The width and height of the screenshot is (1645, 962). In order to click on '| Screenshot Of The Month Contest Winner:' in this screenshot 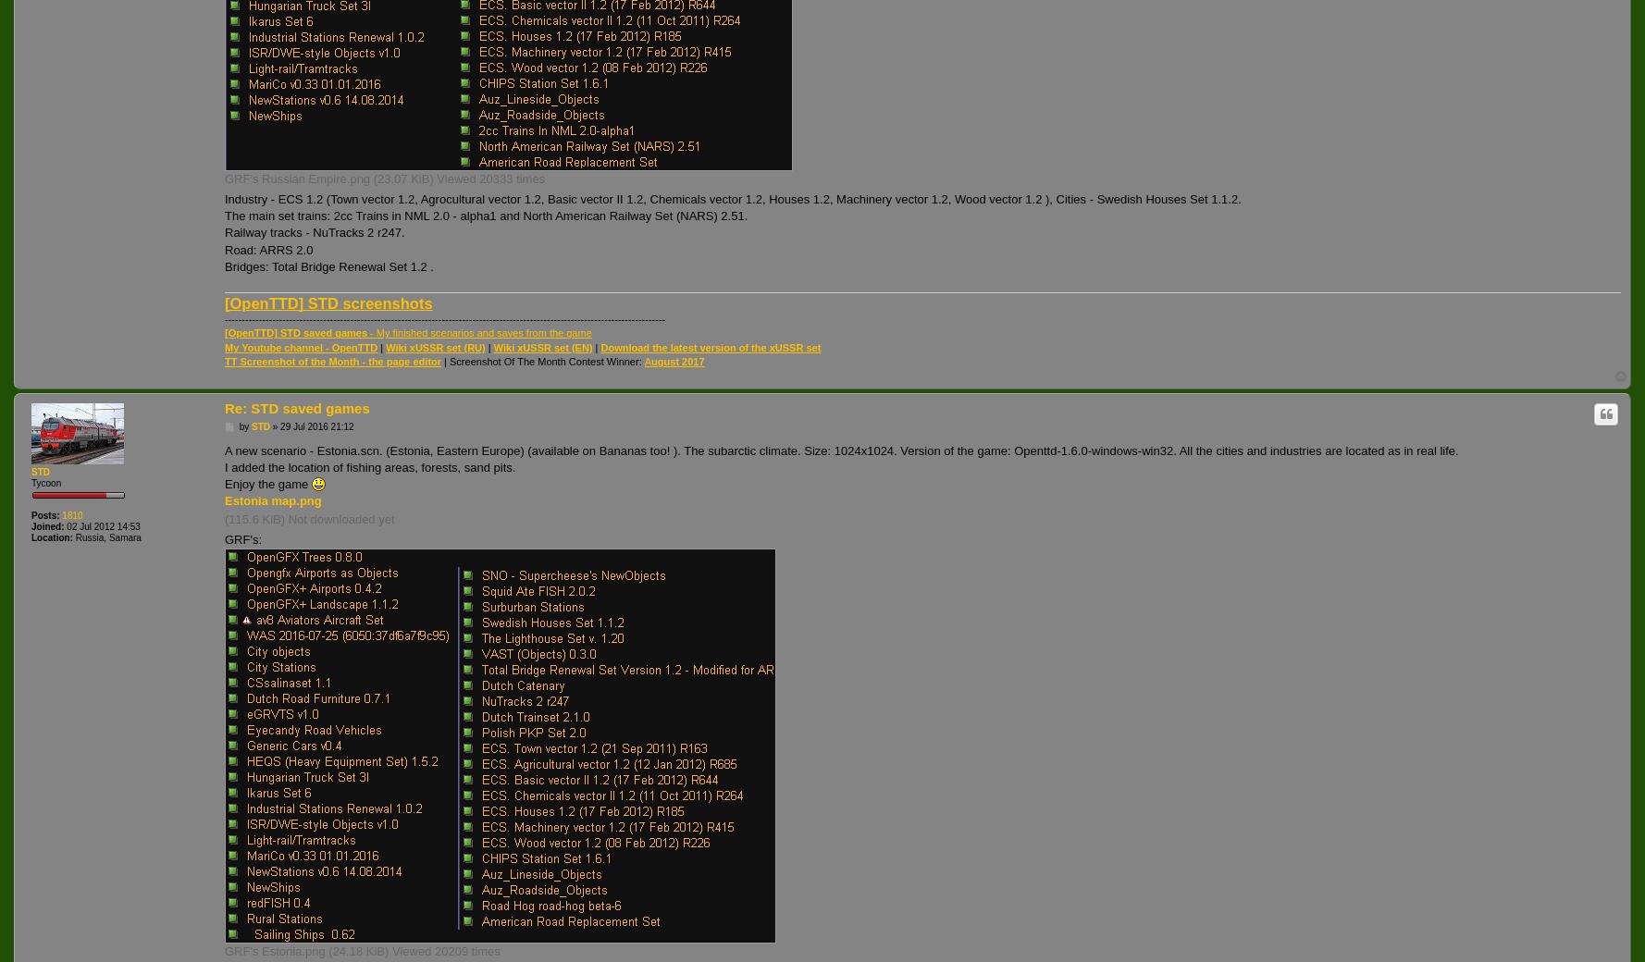, I will do `click(541, 362)`.